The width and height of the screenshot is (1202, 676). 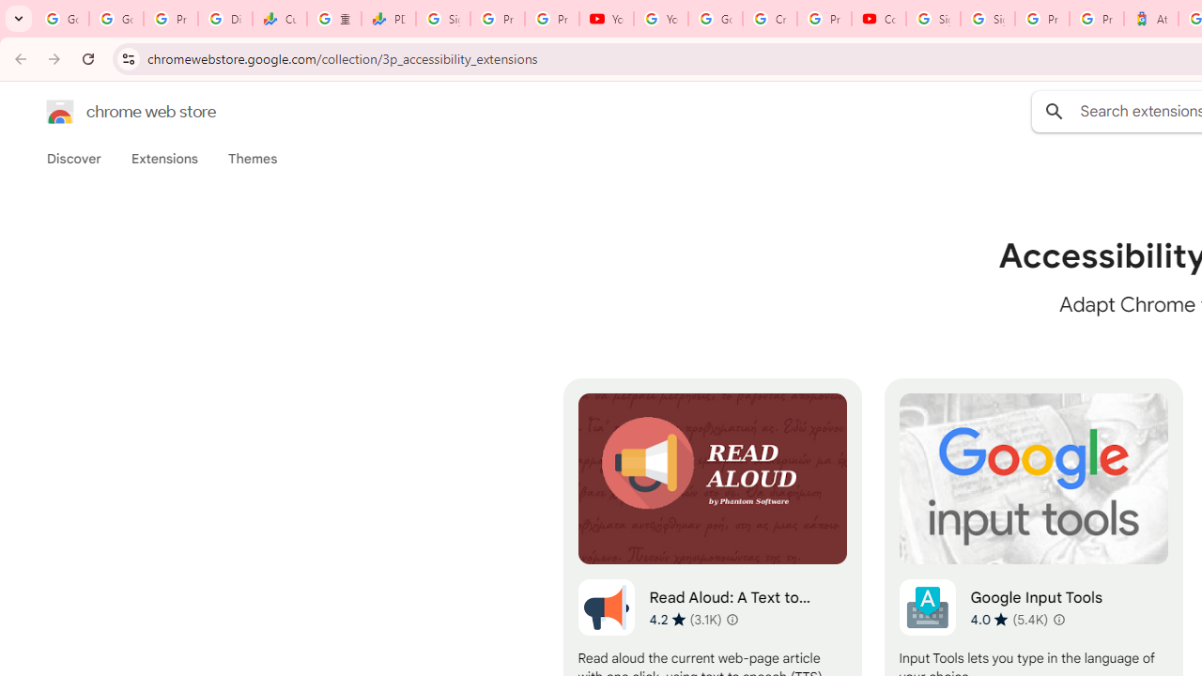 I want to click on 'Google Account Help', so click(x=715, y=19).